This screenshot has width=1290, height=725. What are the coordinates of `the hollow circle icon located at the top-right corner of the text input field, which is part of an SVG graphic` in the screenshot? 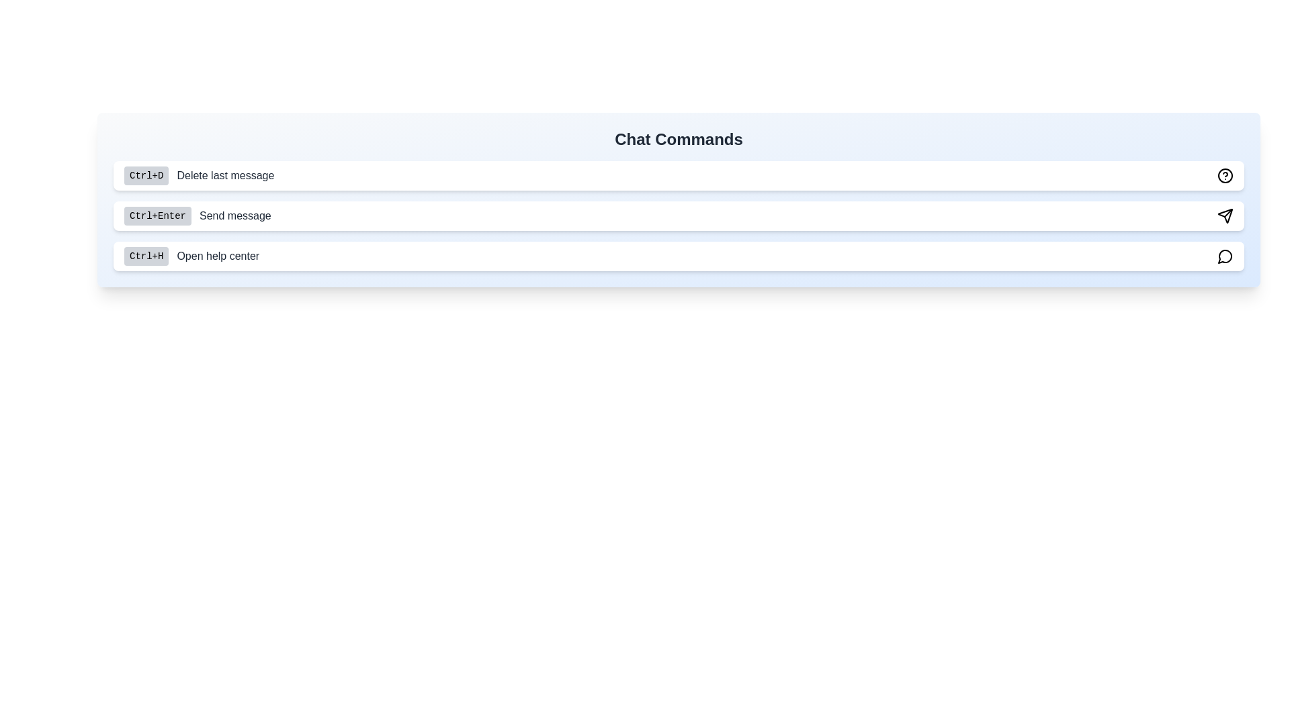 It's located at (1225, 175).